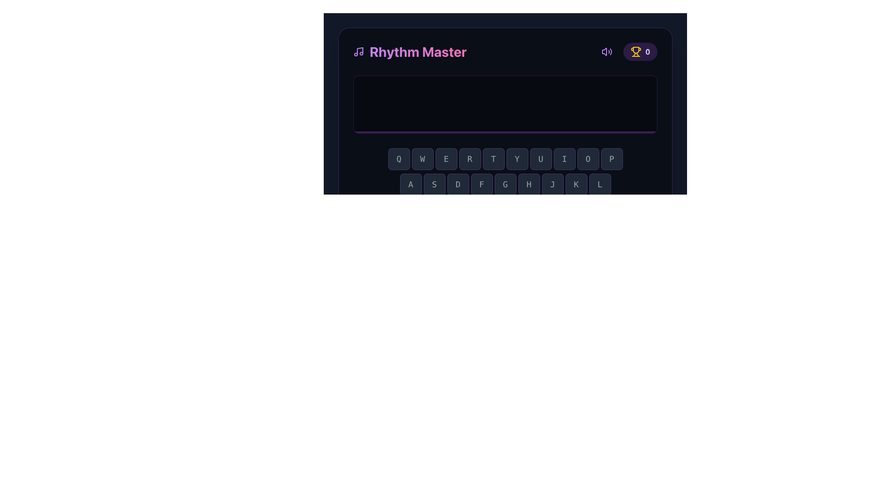 The height and width of the screenshot is (491, 873). What do you see at coordinates (552, 184) in the screenshot?
I see `the button displaying 'J' in a mono-styled font, located in the bottom section of the interface as the eighth button in the sequence 'ASDFGHJKL'` at bounding box center [552, 184].